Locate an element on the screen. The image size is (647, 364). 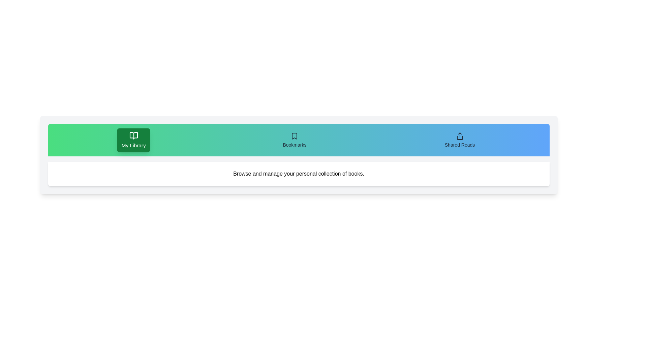
the tab labeled Bookmarks is located at coordinates (295, 140).